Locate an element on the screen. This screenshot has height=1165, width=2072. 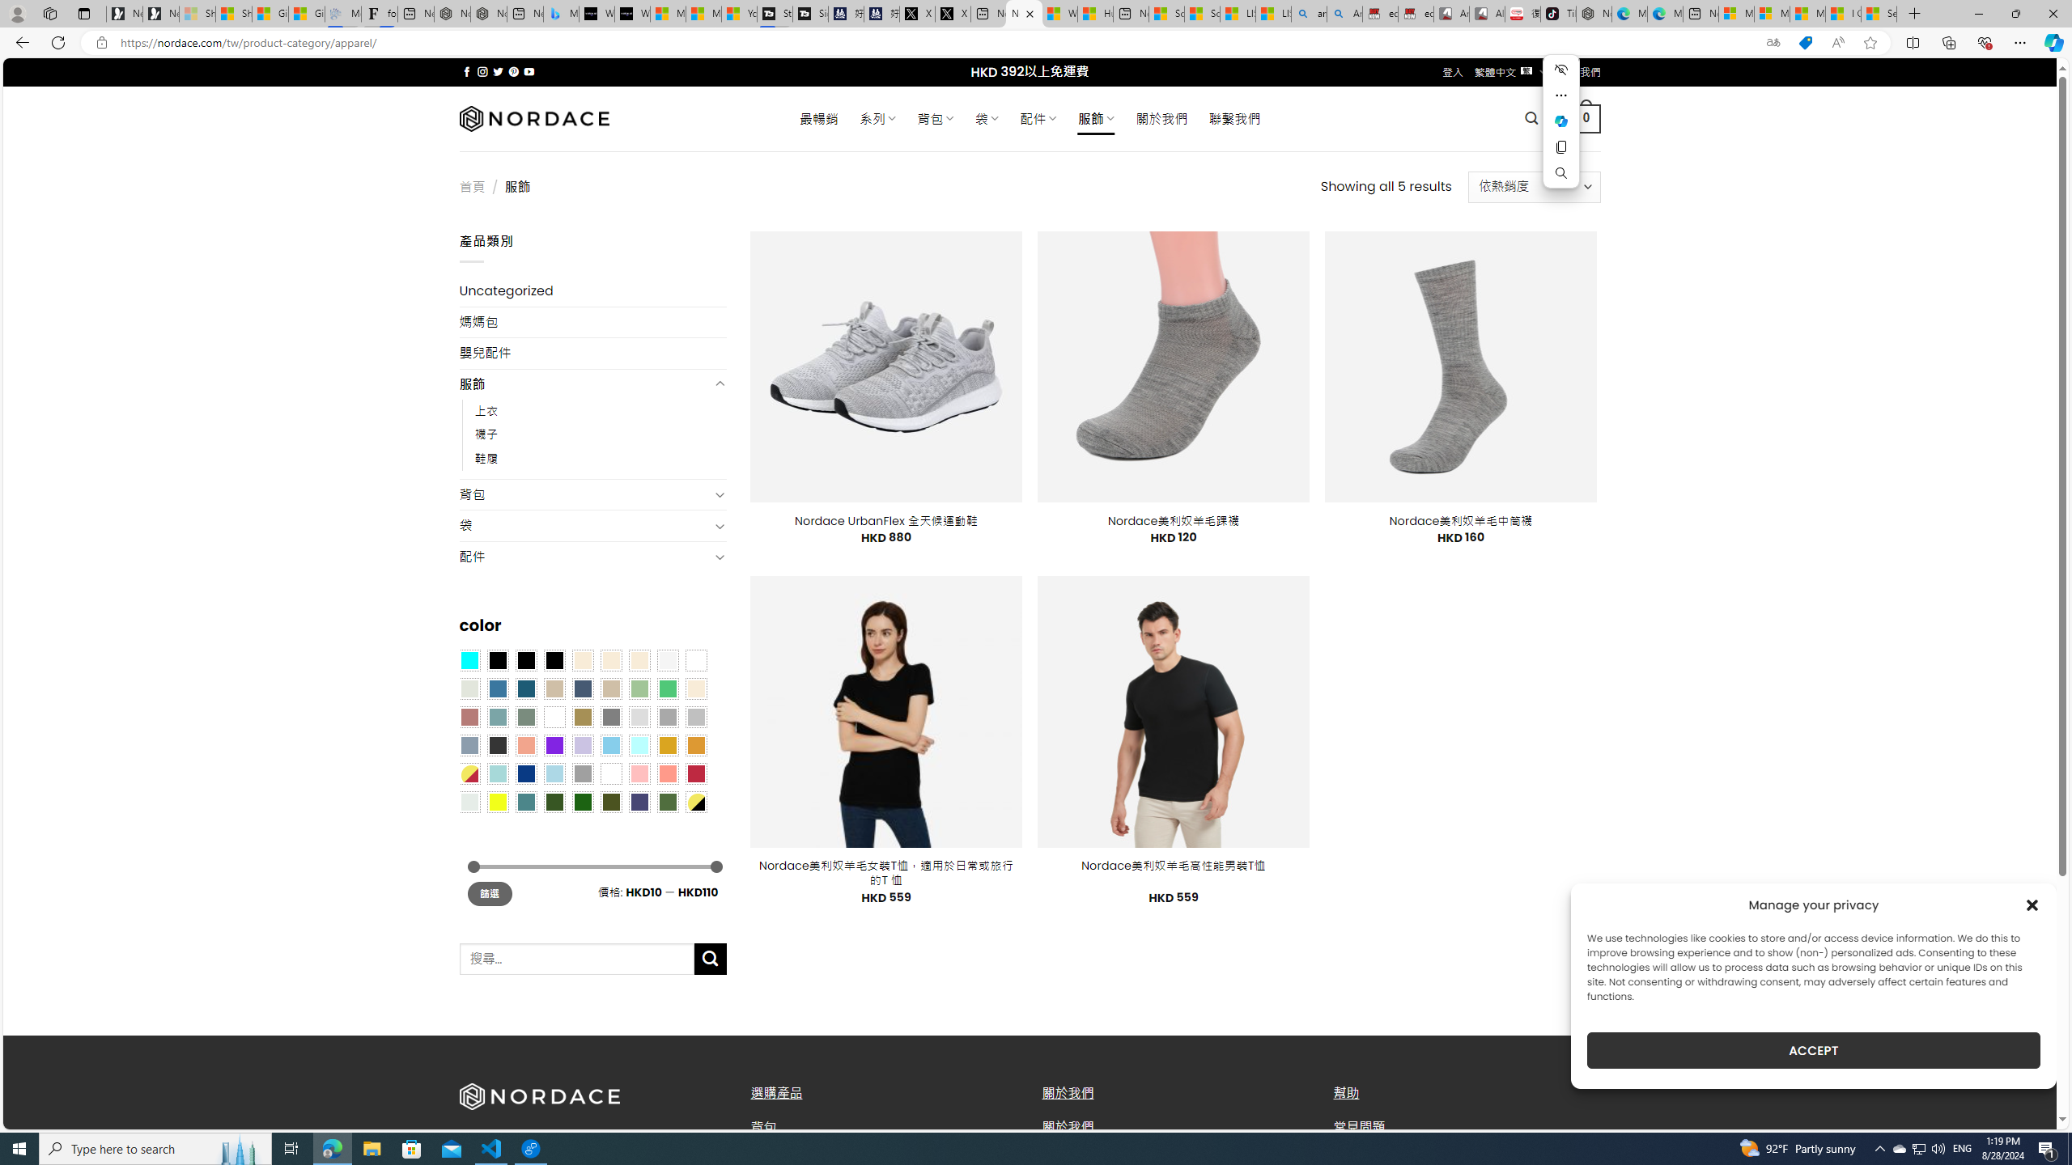
'Follow on Facebook' is located at coordinates (466, 71).